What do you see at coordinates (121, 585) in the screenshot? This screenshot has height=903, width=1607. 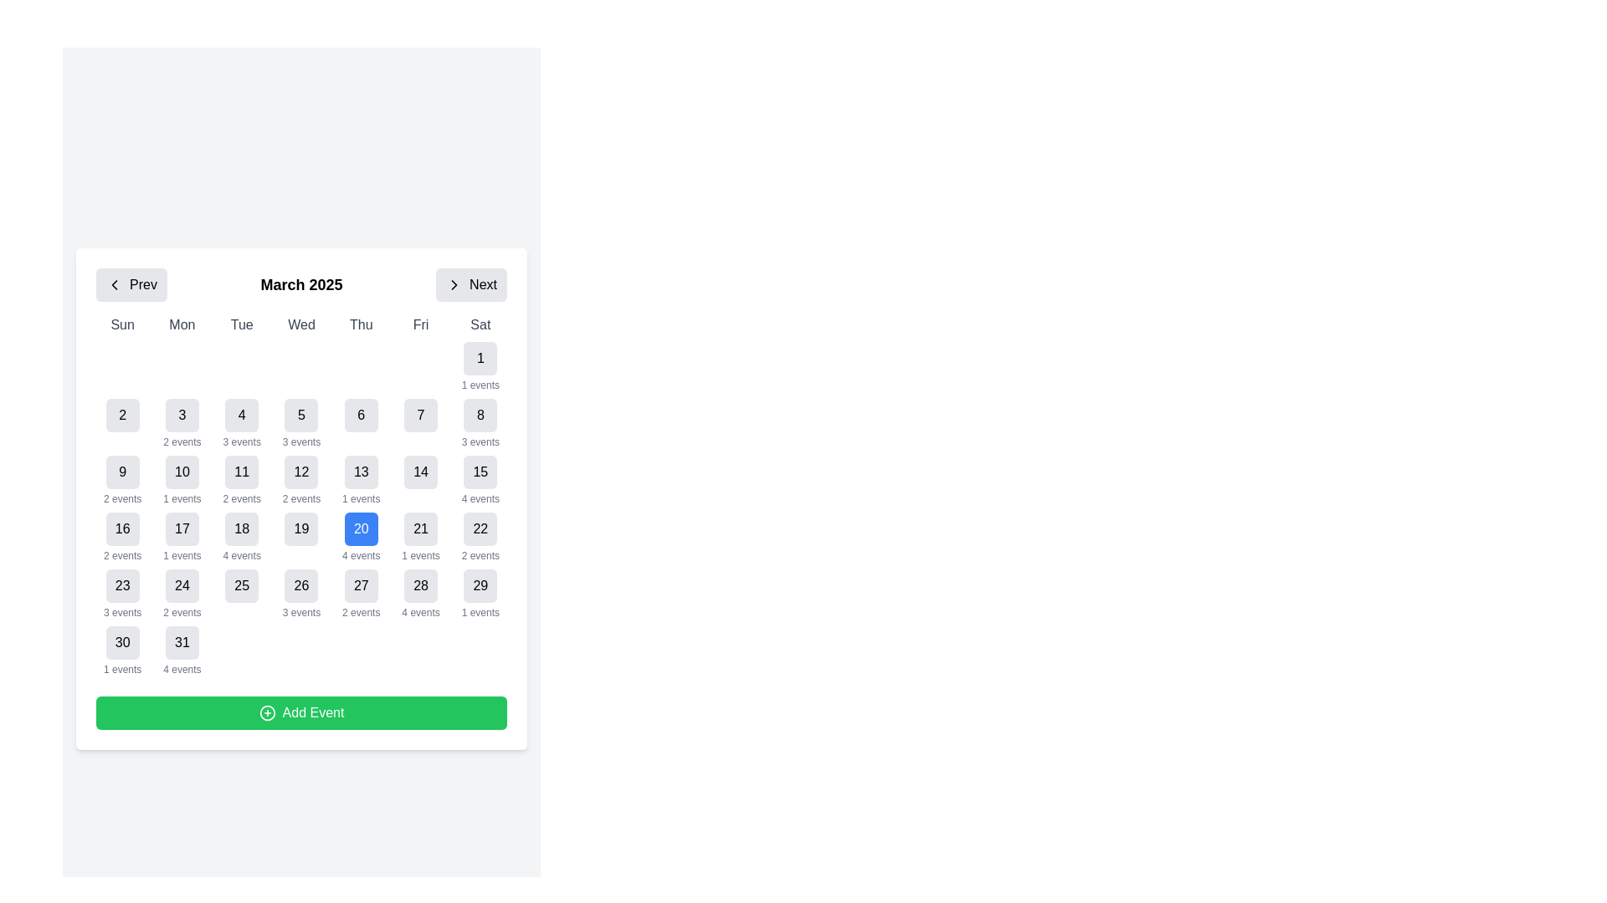 I see `the button representing the calendar date '23'` at bounding box center [121, 585].